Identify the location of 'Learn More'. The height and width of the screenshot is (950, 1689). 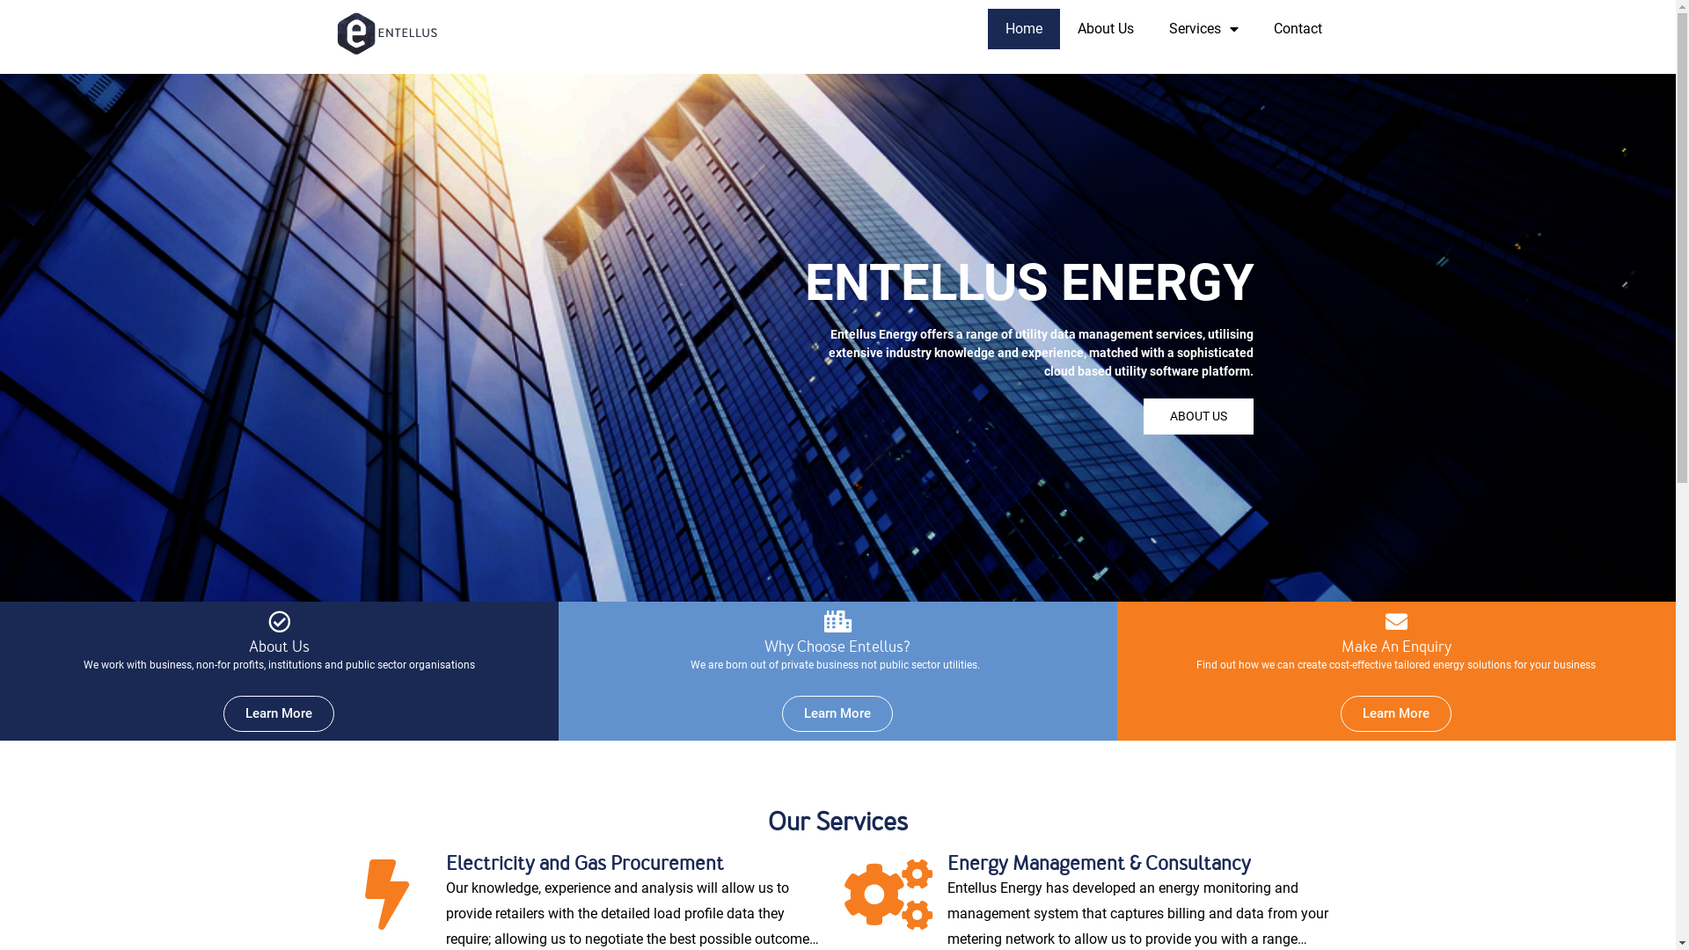
(1395, 713).